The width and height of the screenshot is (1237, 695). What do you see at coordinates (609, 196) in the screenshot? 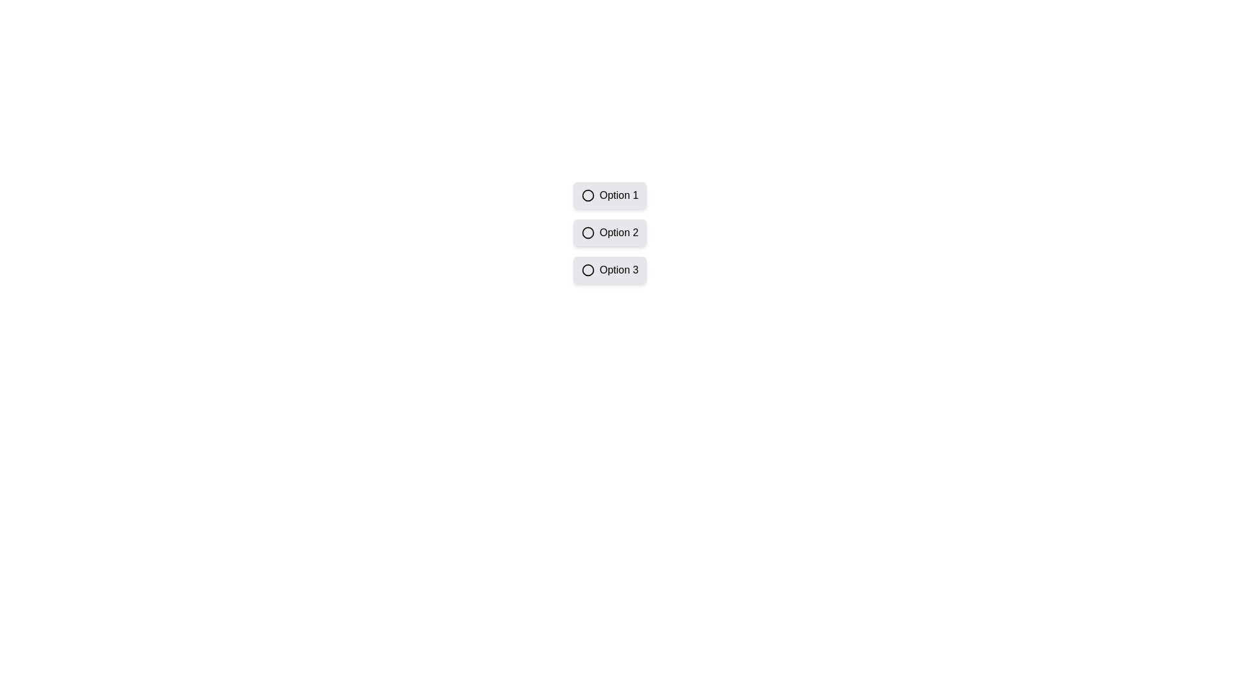
I see `the first selectable option in the vertically arranged list` at bounding box center [609, 196].